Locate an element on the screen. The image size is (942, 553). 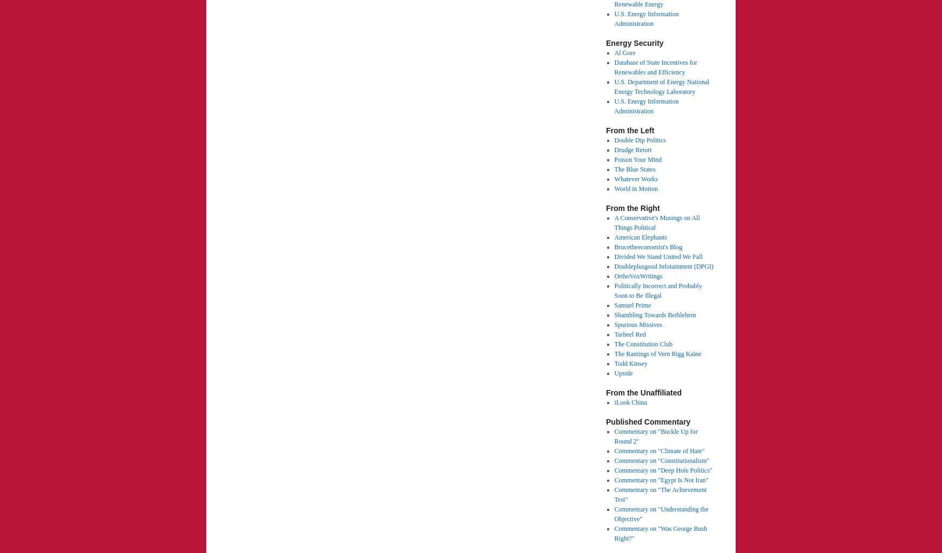
'Commentary on "The Achievement Test"' is located at coordinates (660, 494).